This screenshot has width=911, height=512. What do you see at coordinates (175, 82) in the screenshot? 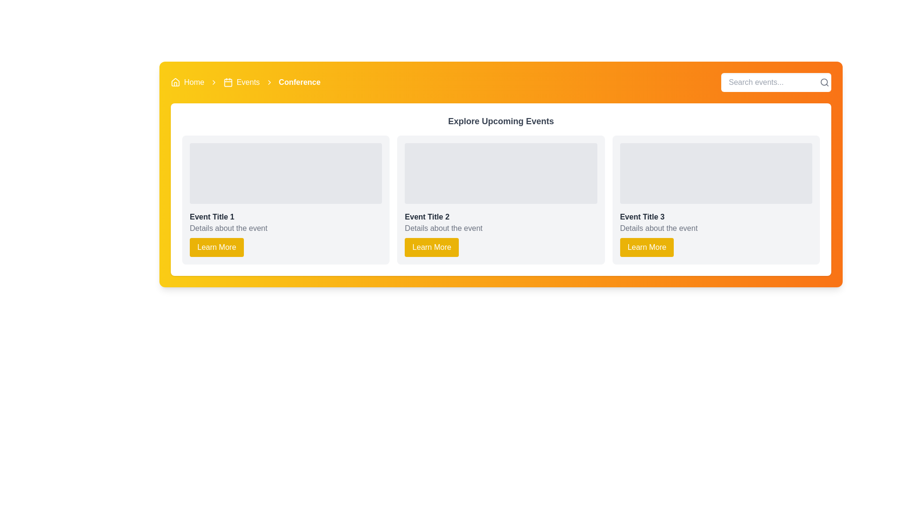
I see `the 'Home' icon in the breadcrumb navigation bar located in the top-left portion of the interface, which visually represents the starting point of the navigation structure` at bounding box center [175, 82].